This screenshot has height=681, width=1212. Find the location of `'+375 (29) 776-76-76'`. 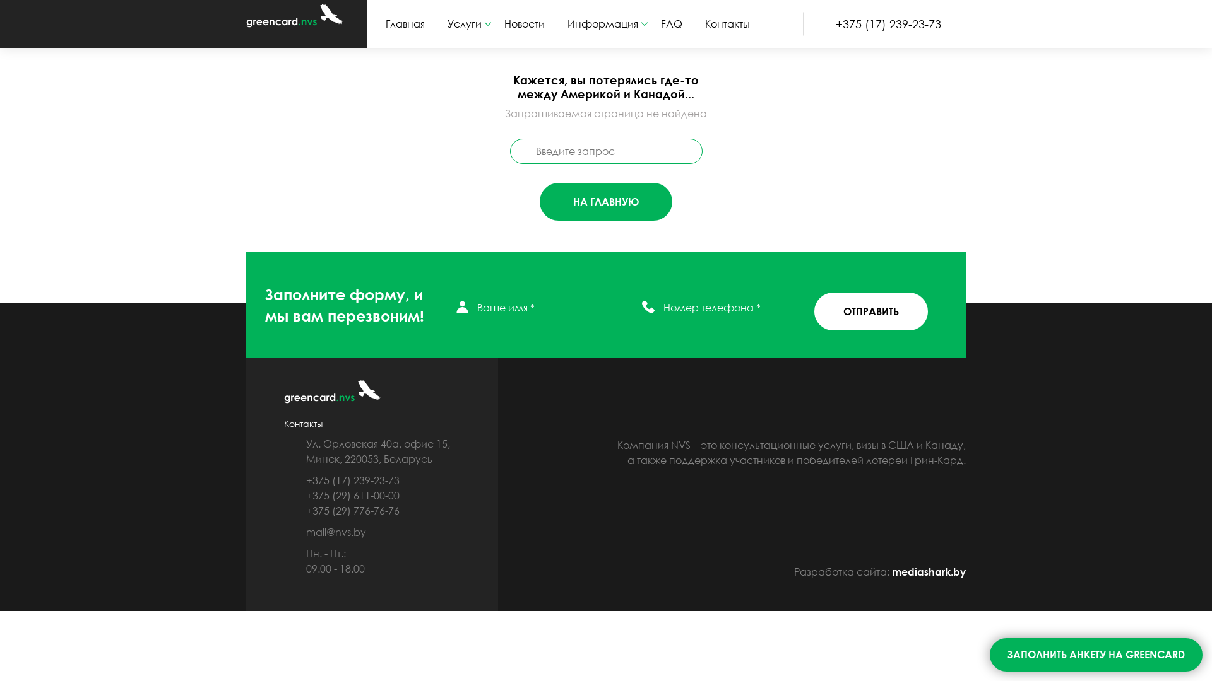

'+375 (29) 776-76-76' is located at coordinates (389, 511).